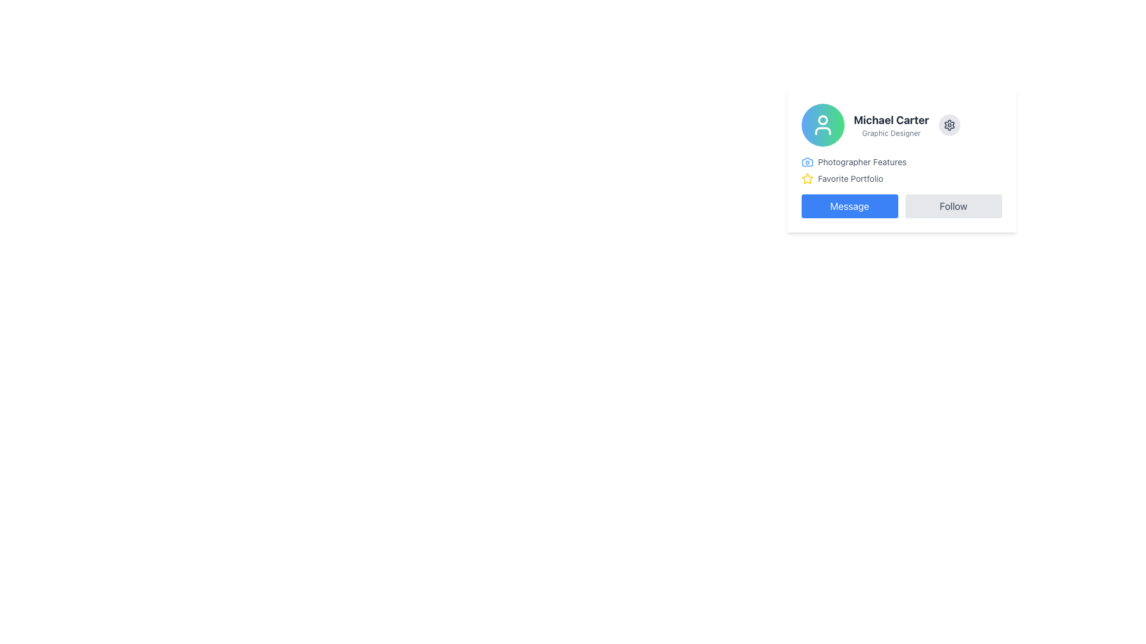 The image size is (1146, 644). I want to click on bottom section of the SVG graphic representing the user profile picture, which is centrally located within the circular icon to the left of the user's name and title, so click(822, 131).